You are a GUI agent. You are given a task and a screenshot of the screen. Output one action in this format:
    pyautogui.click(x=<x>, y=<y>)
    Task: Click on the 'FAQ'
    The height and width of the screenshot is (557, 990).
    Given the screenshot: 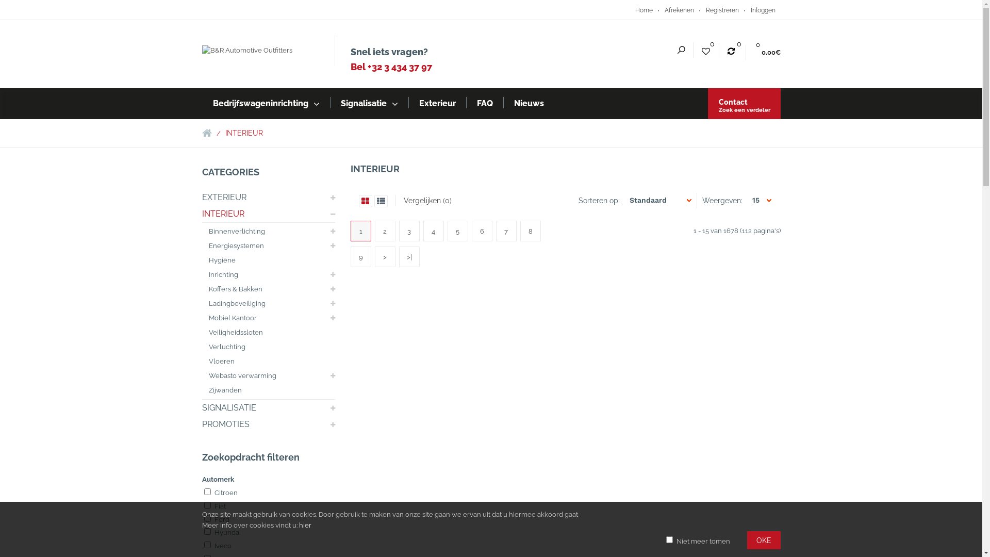 What is the action you would take?
    pyautogui.click(x=484, y=103)
    